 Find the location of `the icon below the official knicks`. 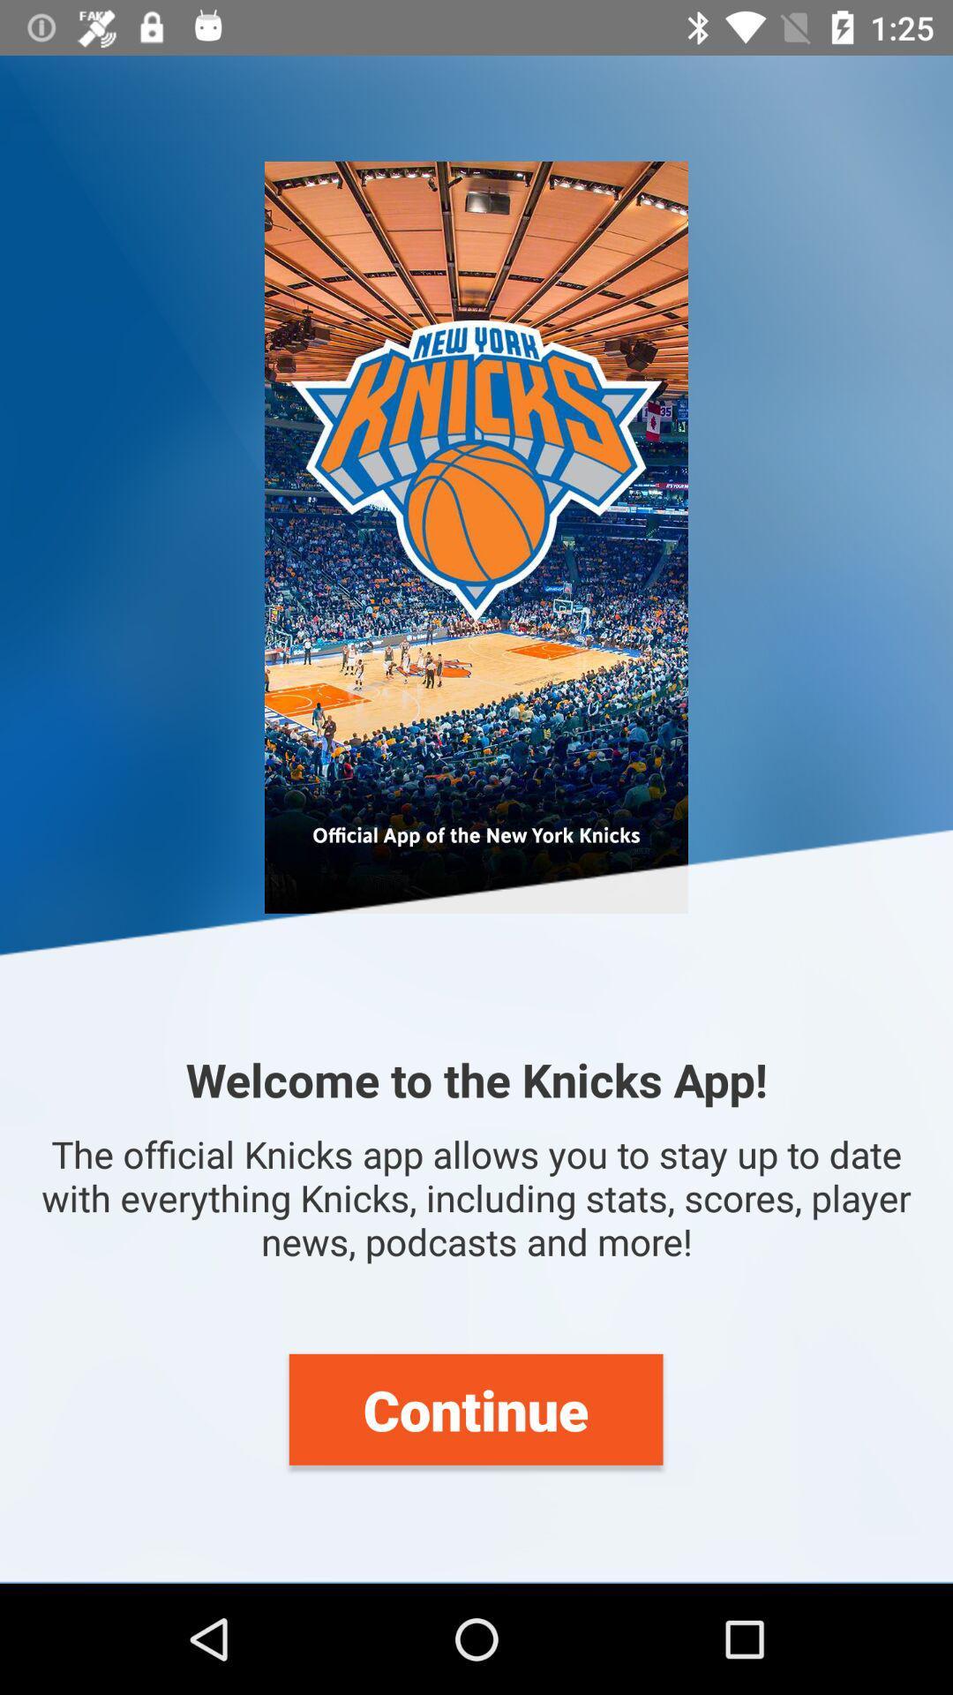

the icon below the official knicks is located at coordinates (475, 1408).